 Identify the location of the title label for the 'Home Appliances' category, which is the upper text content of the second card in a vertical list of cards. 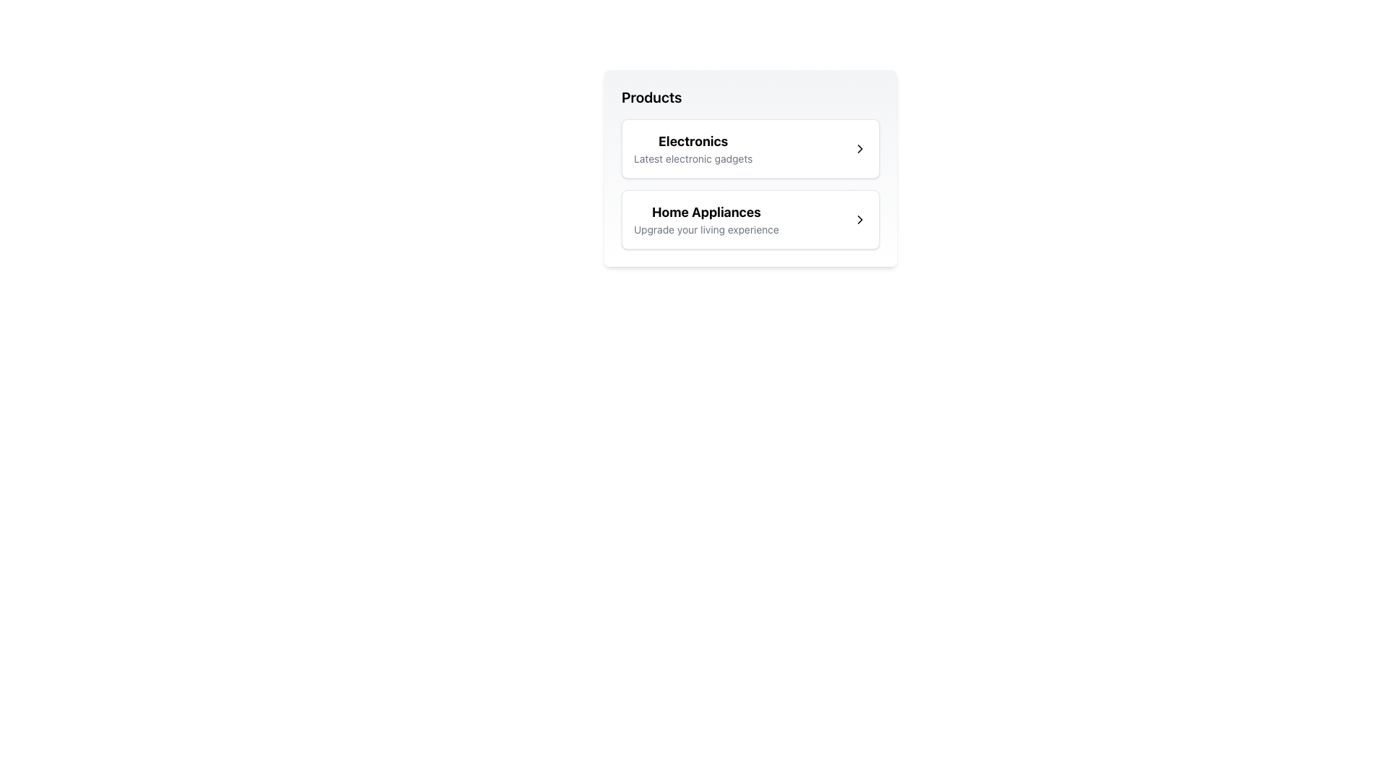
(706, 212).